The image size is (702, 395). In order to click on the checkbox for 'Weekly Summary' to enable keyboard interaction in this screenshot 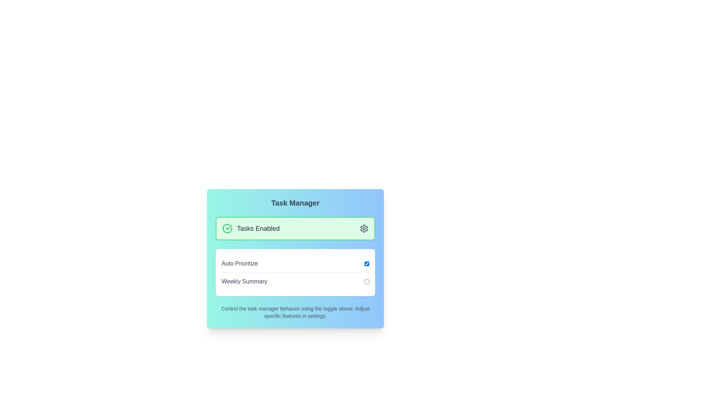, I will do `click(367, 281)`.